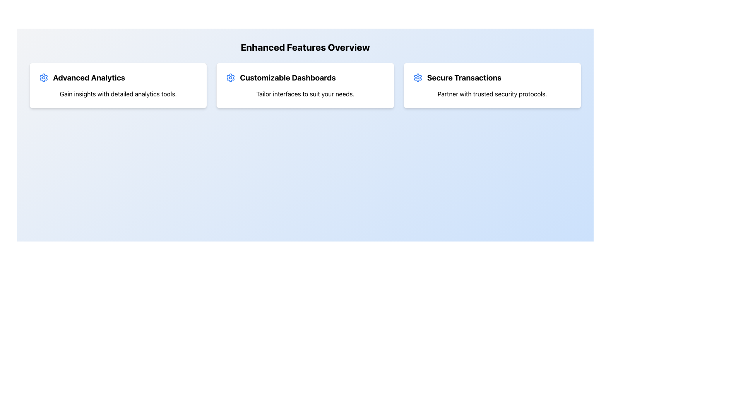  What do you see at coordinates (43, 77) in the screenshot?
I see `the blue gear-shaped icon located to the left of the text 'Advanced Analytics'` at bounding box center [43, 77].